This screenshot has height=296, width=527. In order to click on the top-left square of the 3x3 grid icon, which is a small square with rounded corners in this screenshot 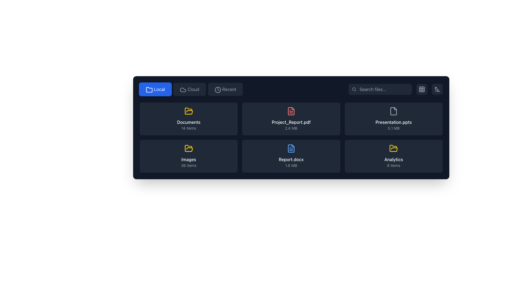, I will do `click(421, 89)`.